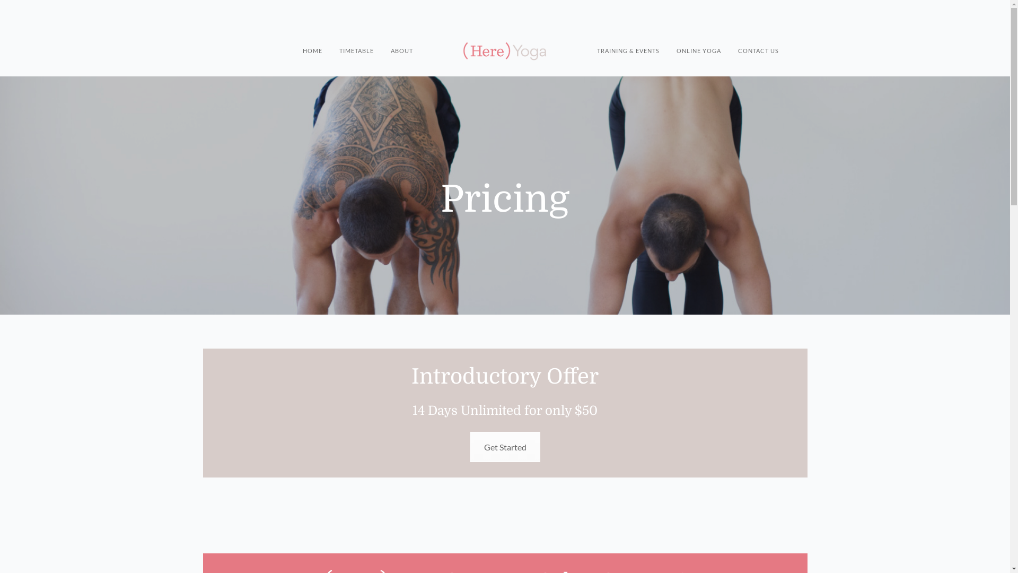 Image resolution: width=1018 pixels, height=573 pixels. I want to click on 'HOME', so click(312, 40).